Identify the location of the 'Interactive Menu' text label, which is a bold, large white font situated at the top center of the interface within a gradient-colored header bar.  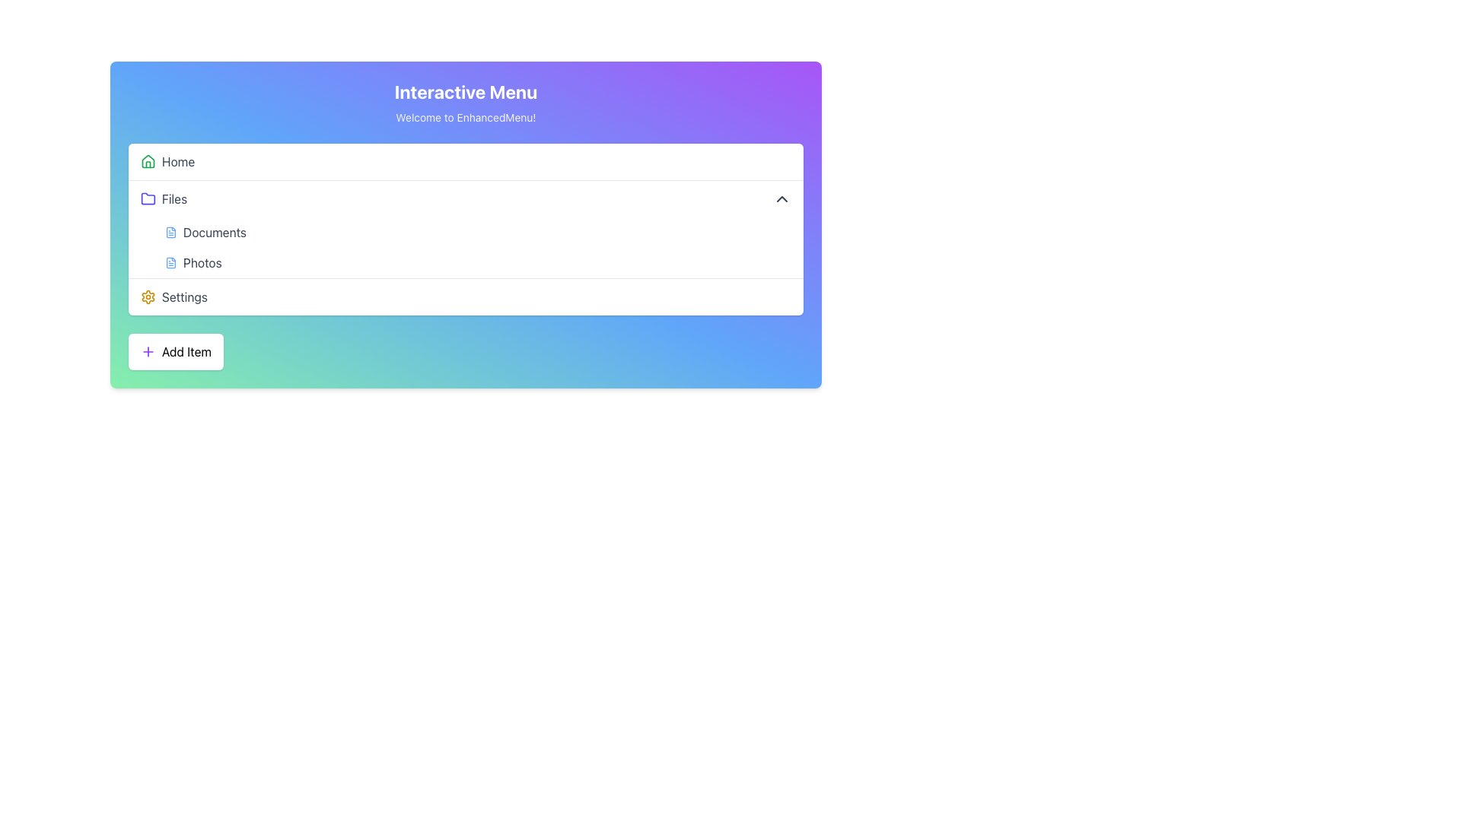
(465, 91).